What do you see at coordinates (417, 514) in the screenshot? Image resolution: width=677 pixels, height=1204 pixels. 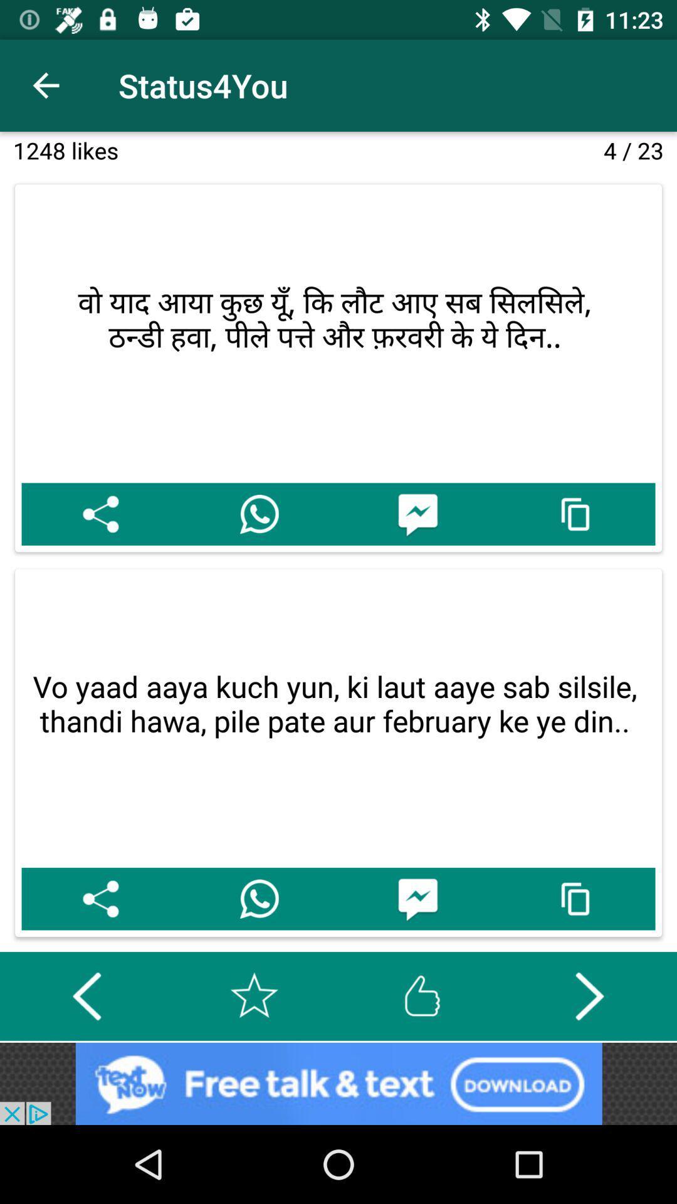 I see `chat` at bounding box center [417, 514].